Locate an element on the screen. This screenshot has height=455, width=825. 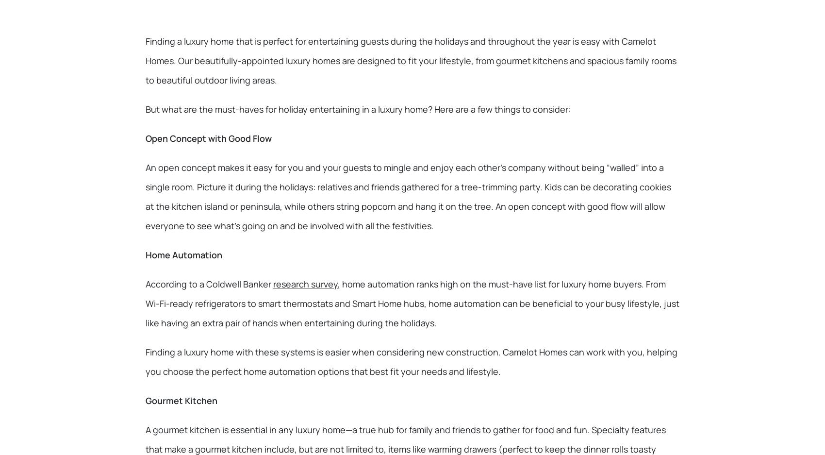
'Home Automation' is located at coordinates (183, 254).